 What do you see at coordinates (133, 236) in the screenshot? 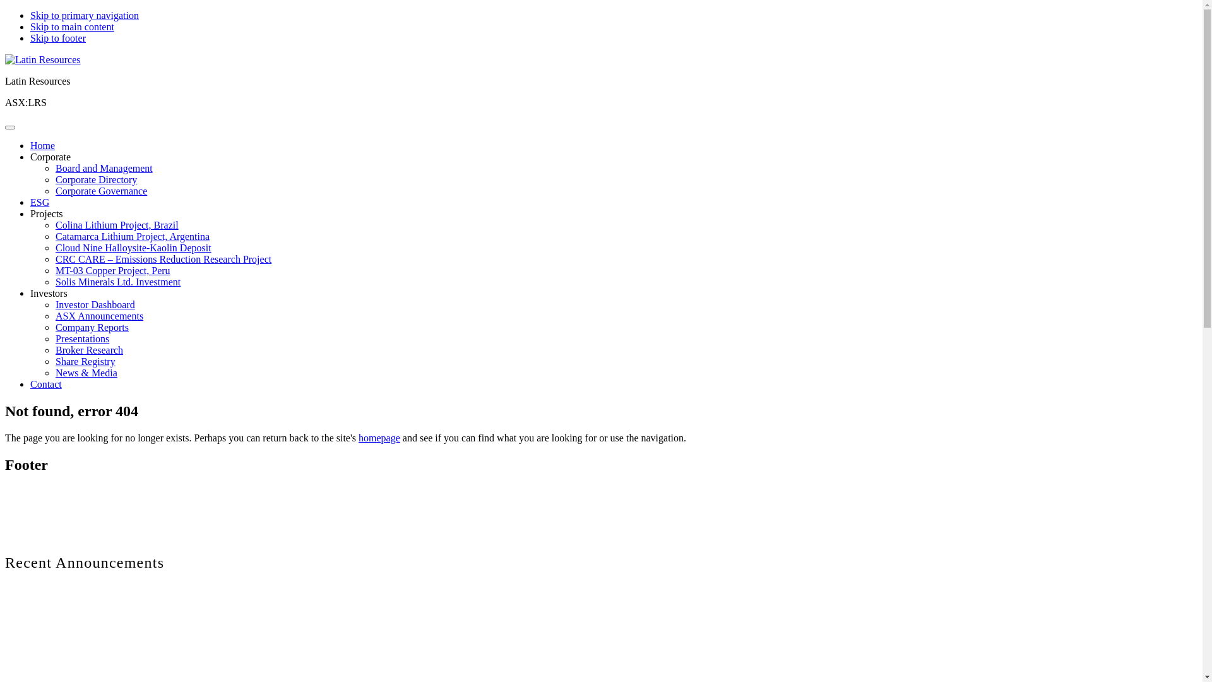
I see `'Catamarca Lithium Project, Argentina'` at bounding box center [133, 236].